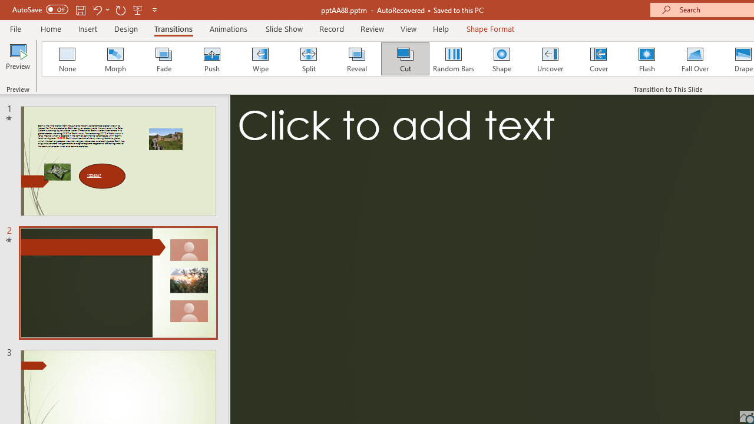  I want to click on 'Cover', so click(598, 59).